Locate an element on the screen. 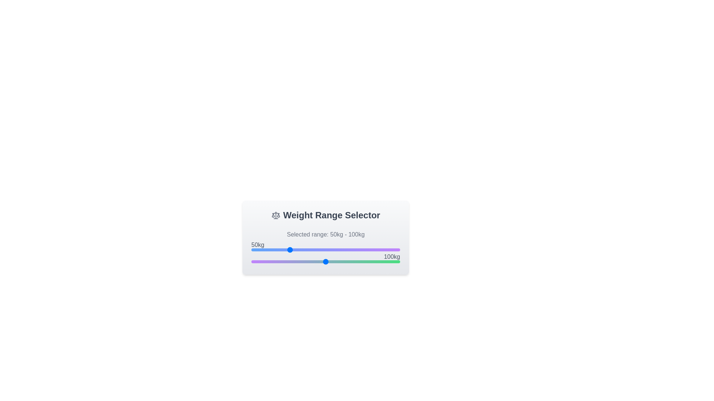  the right slider to set the maximum weight to 160 kg is located at coordinates (370, 261).